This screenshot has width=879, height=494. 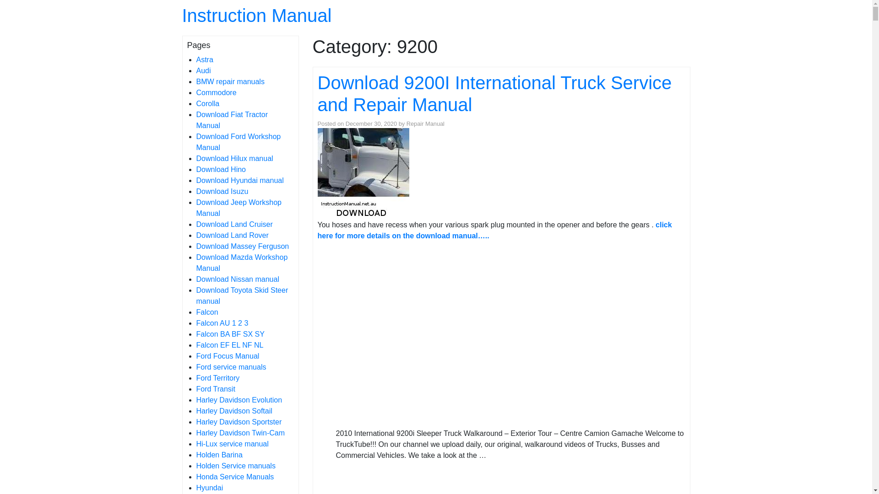 I want to click on 'December 30, 2020', so click(x=371, y=123).